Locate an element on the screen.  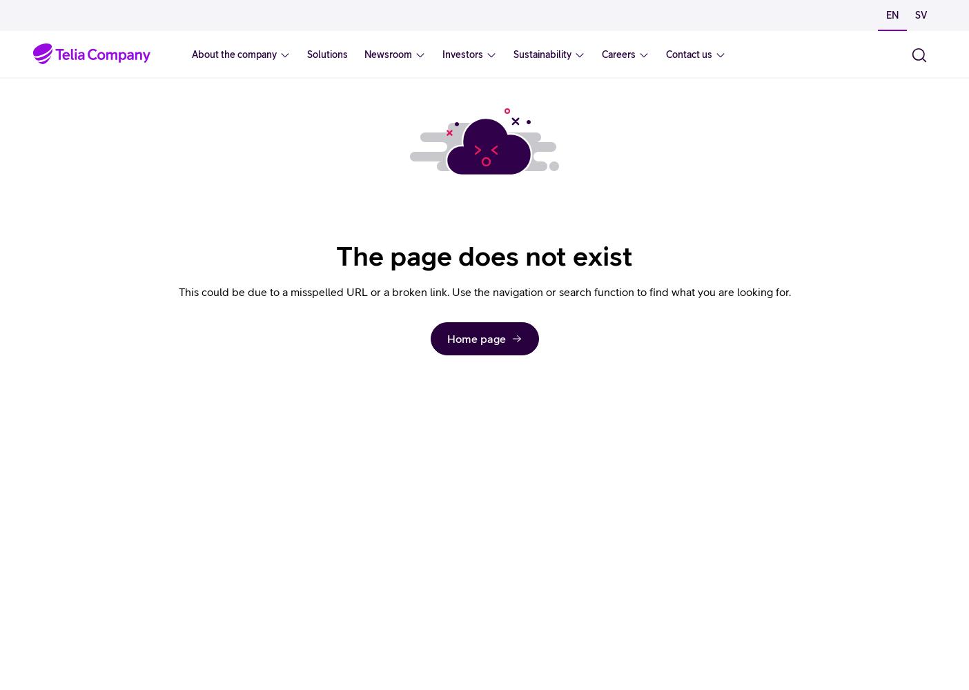
'Careers' is located at coordinates (618, 54).